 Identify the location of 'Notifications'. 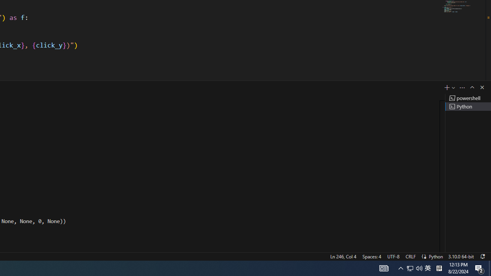
(482, 256).